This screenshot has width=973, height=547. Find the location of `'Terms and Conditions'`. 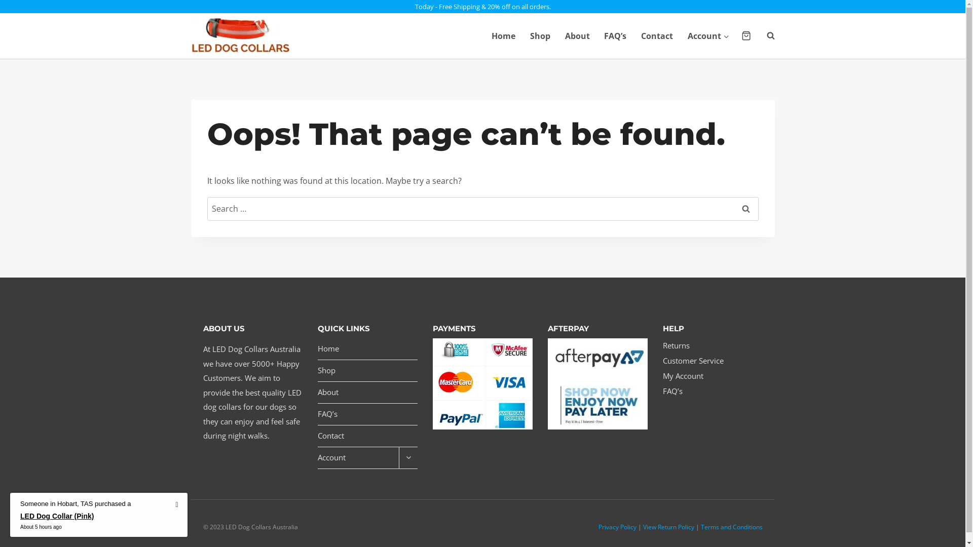

'Terms and Conditions' is located at coordinates (731, 526).